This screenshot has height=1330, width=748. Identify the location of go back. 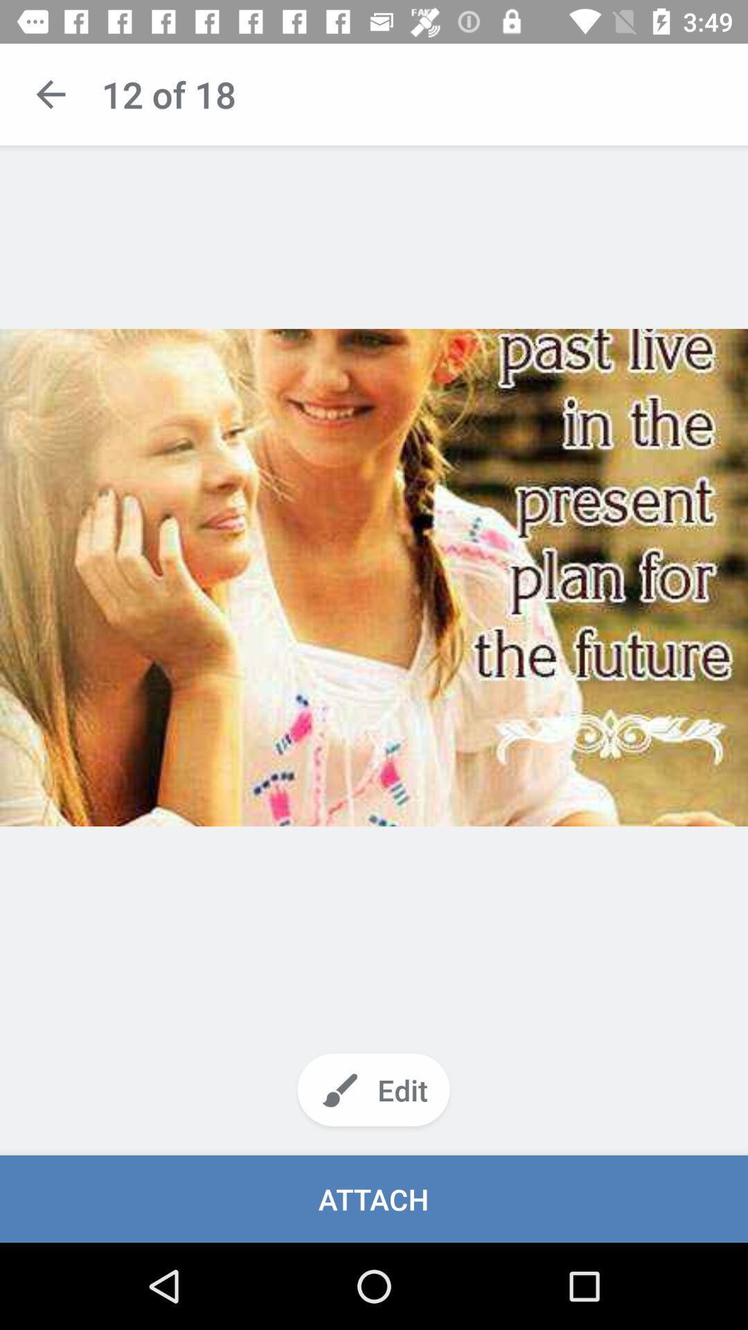
(50, 94).